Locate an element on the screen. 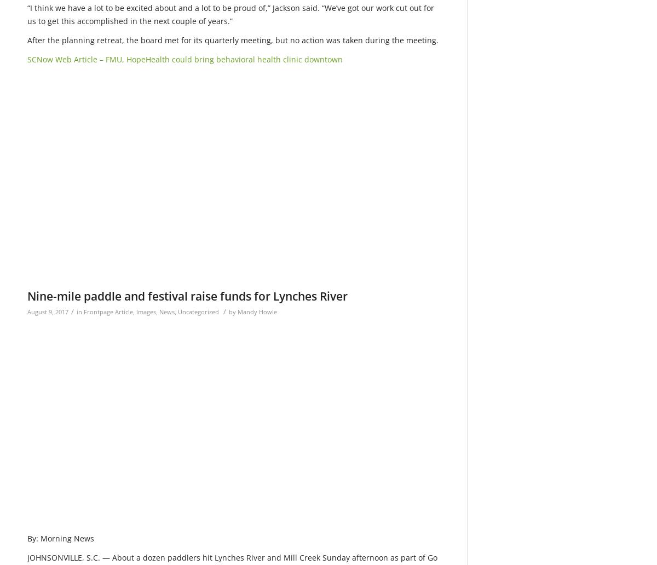  'Images' is located at coordinates (136, 311).